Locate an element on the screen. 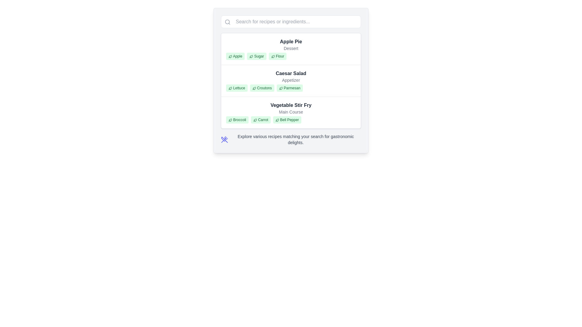 Image resolution: width=582 pixels, height=327 pixels. the text of the ingredient label for the 'Caesar Salad' recipe, which is the third label in a row of three, positioned right of 'Lettuce' and 'Croutons' is located at coordinates (289, 88).